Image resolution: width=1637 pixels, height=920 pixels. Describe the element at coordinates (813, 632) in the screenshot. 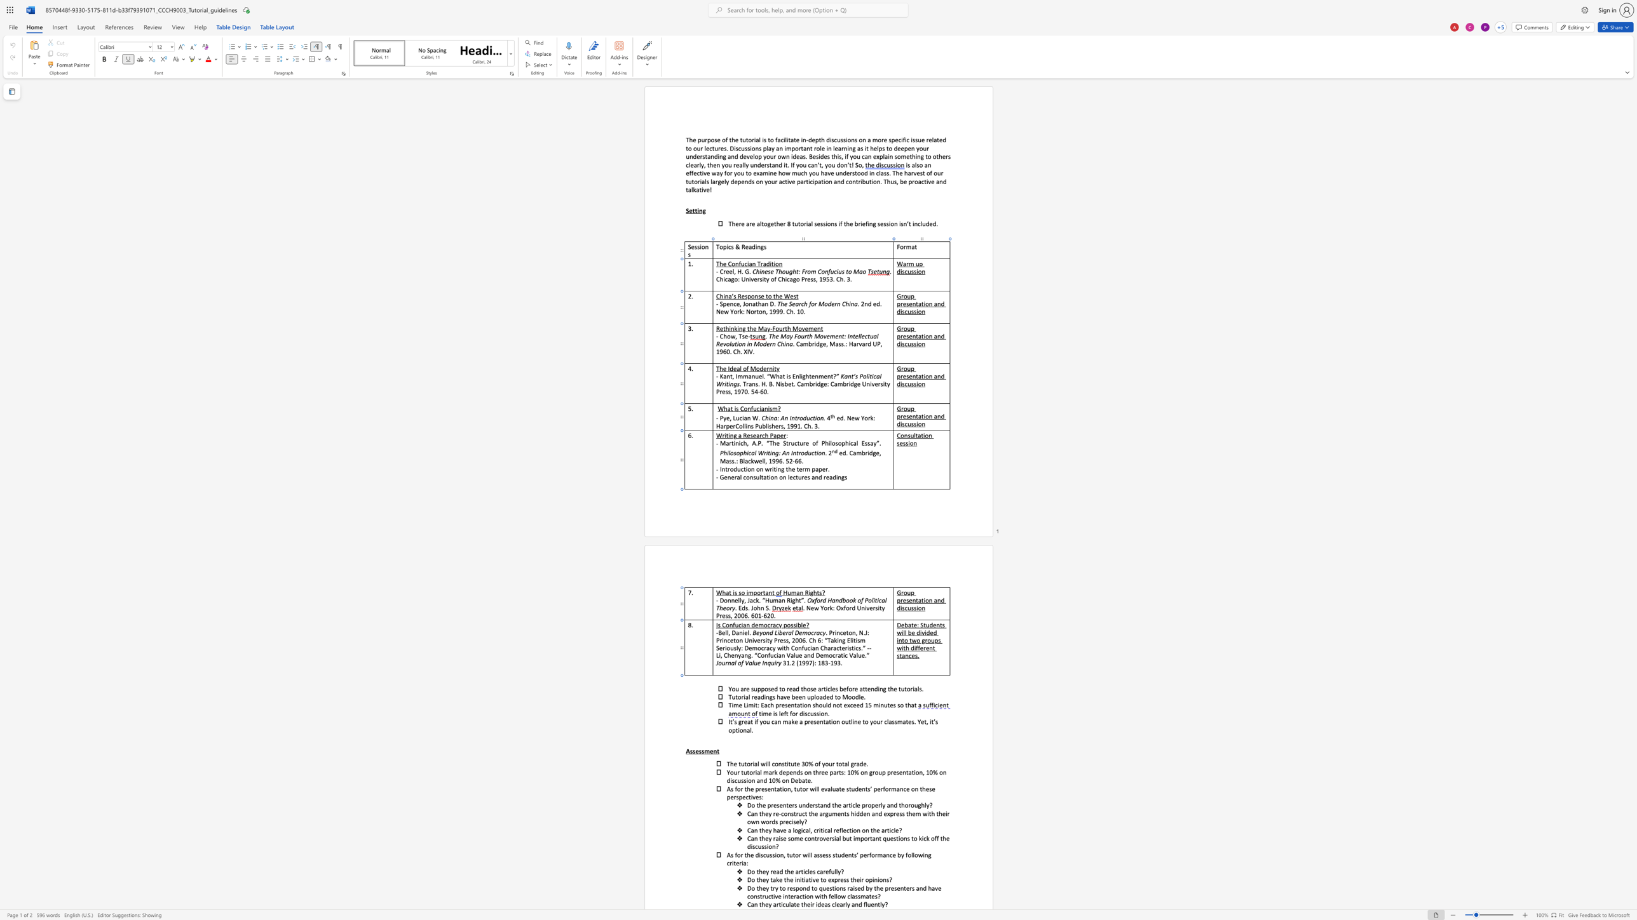

I see `the space between the continuous character "c" and "r" in the text` at that location.